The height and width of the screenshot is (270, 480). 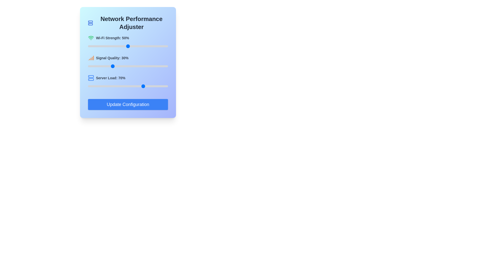 I want to click on the slider for adjusting server load percentage, located under the 'Network Performance Adjuster' section, after 'Wi-Fi Strength: 50%' and 'Signal Quality: 30%', so click(x=128, y=81).